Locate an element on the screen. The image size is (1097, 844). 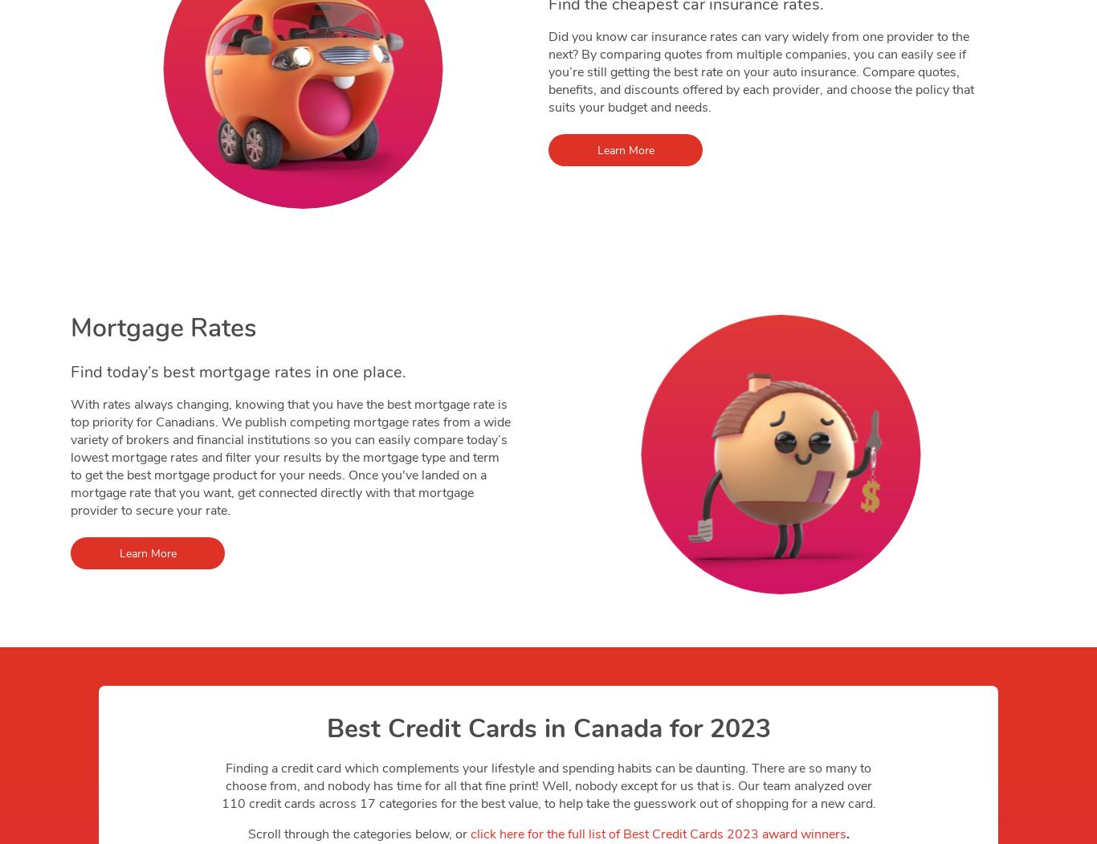
'Find today’s best mortgage rates in one place.' is located at coordinates (238, 371).